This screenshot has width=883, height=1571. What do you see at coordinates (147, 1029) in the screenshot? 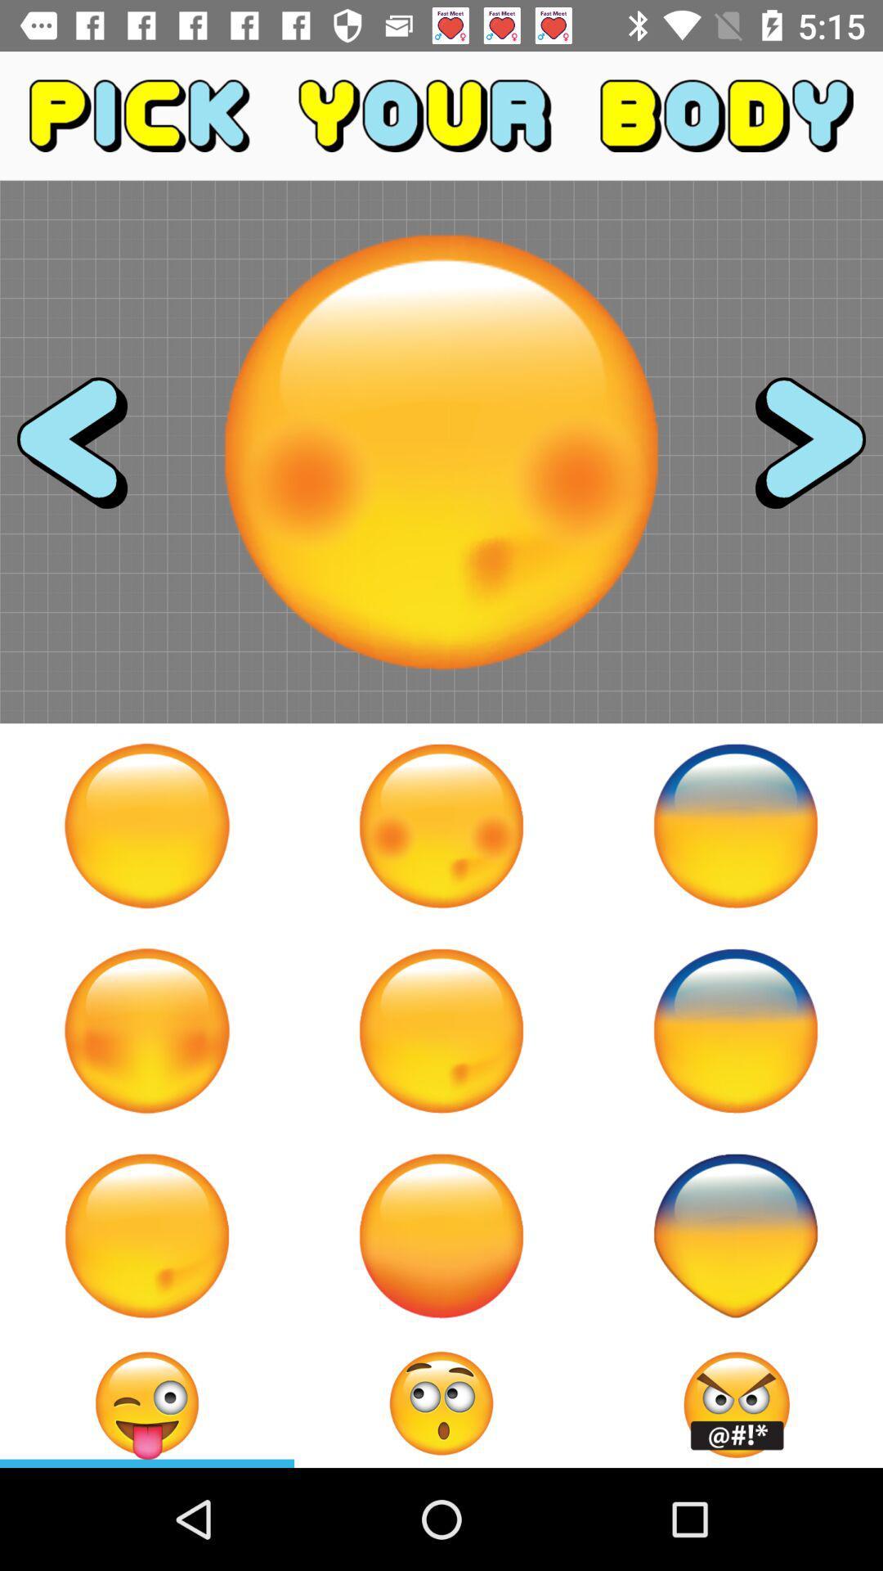
I see `funny video` at bounding box center [147, 1029].